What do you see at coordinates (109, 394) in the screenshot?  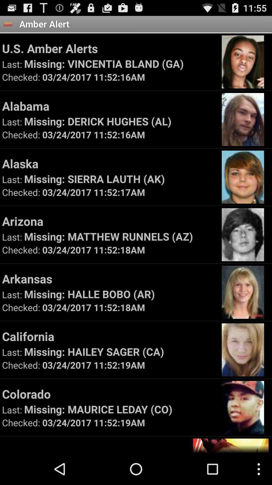 I see `icon above the missing maurice leday app` at bounding box center [109, 394].